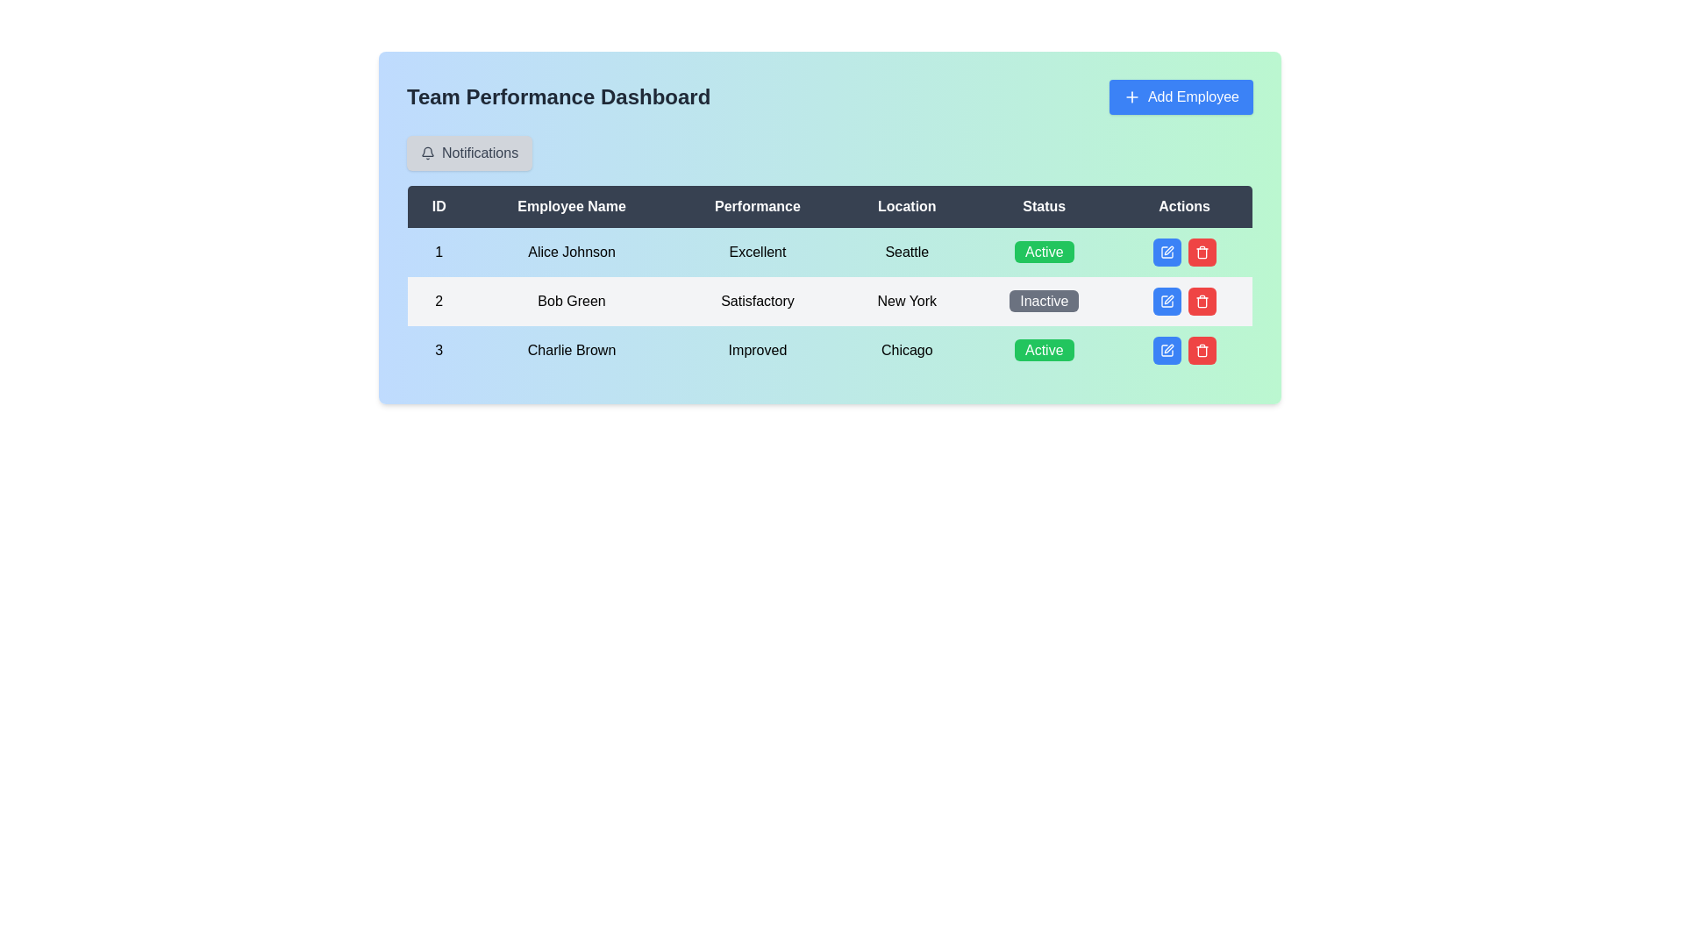 The image size is (1684, 947). What do you see at coordinates (1167, 351) in the screenshot?
I see `the blue rectangular button with rounded edges that features a pen icon, located in the 'Actions' column of the third row` at bounding box center [1167, 351].